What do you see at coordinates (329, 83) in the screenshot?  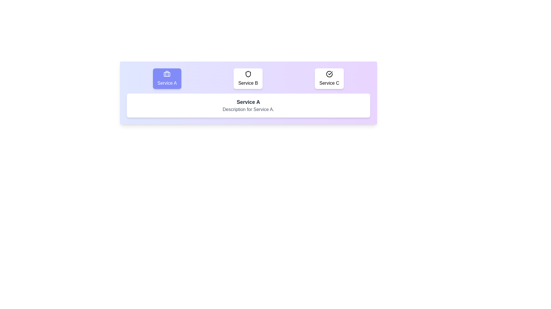 I see `the 'Service C' text label, which serves as an interactive identifier for the service option` at bounding box center [329, 83].